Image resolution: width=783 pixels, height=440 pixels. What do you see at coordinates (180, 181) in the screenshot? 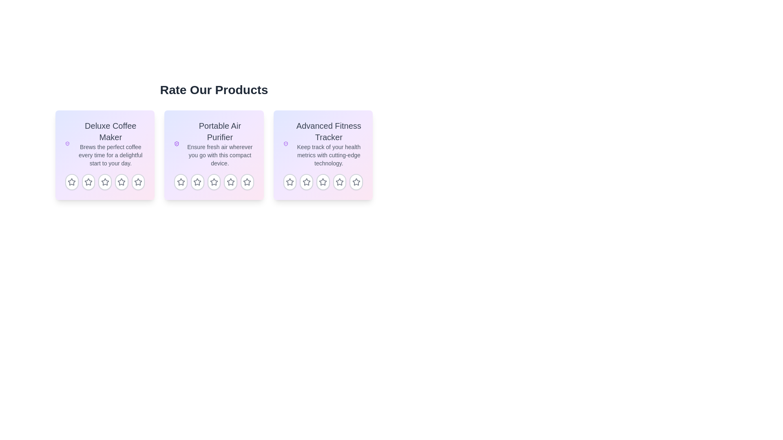
I see `the first star icon in the rating row of the 'Portable Air Purifier' product card` at bounding box center [180, 181].